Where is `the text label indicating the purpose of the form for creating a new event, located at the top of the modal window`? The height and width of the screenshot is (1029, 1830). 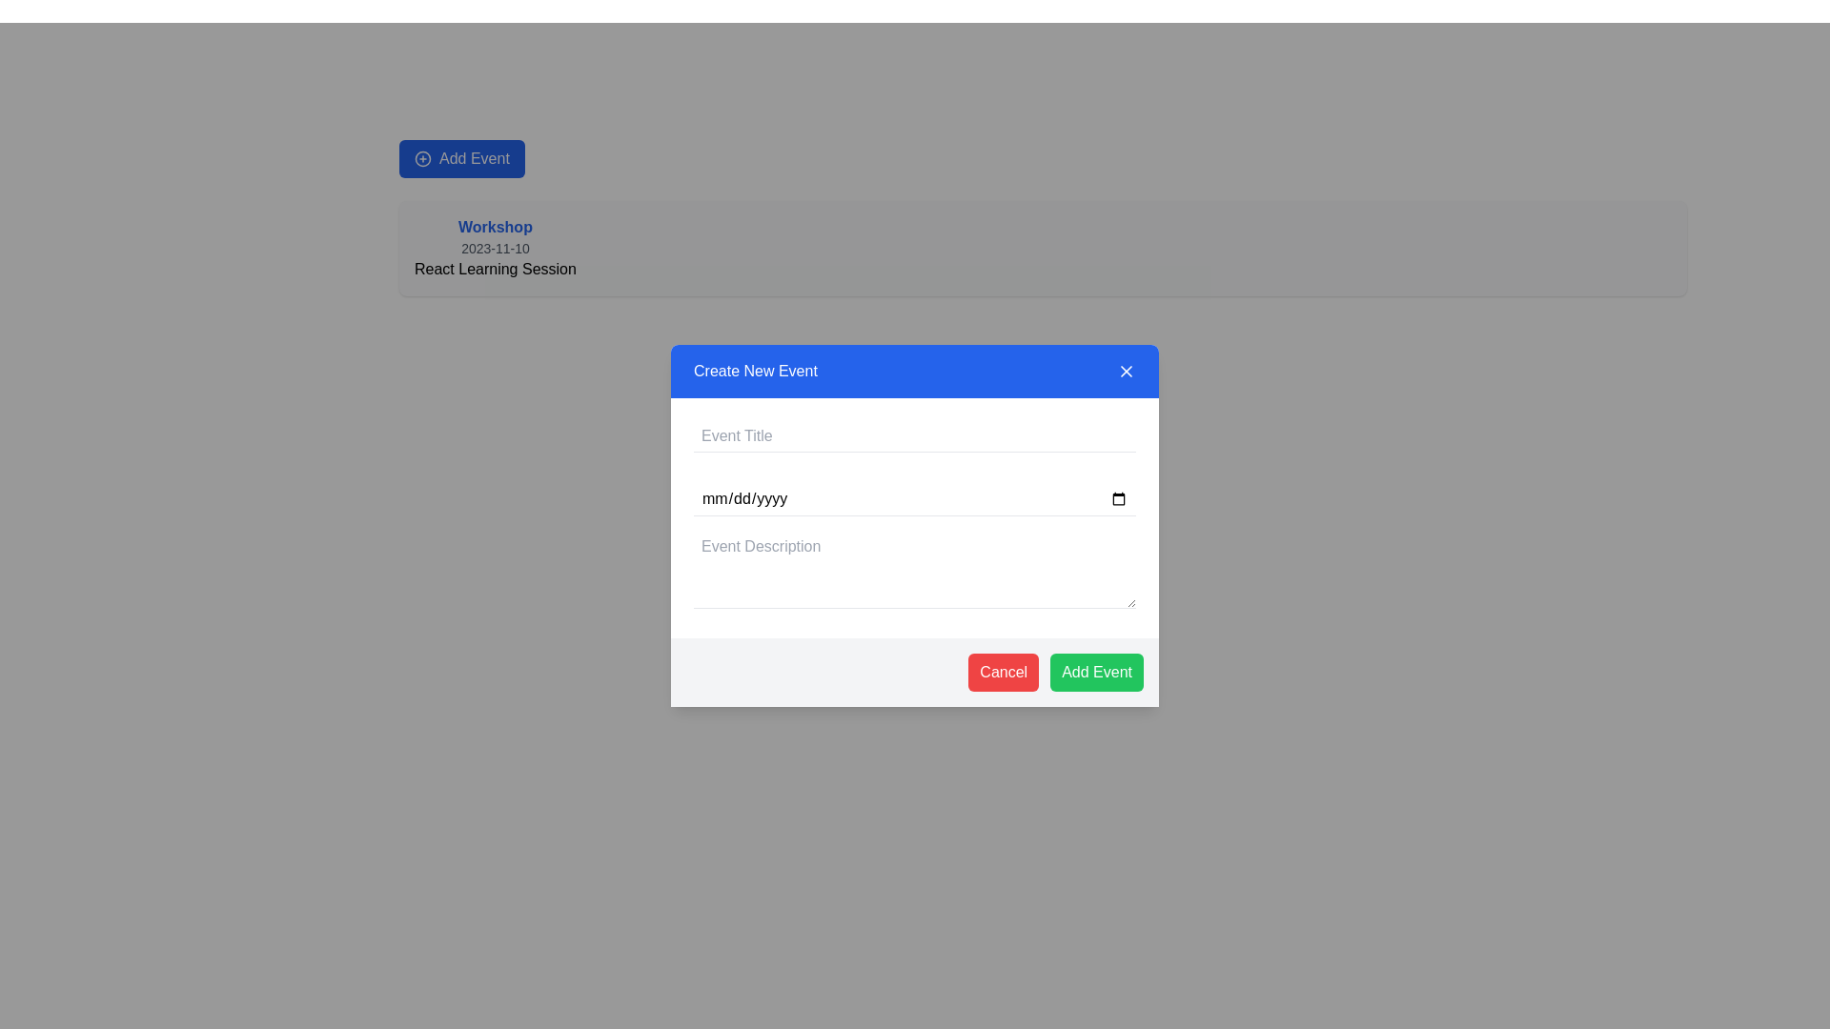 the text label indicating the purpose of the form for creating a new event, located at the top of the modal window is located at coordinates (754, 371).